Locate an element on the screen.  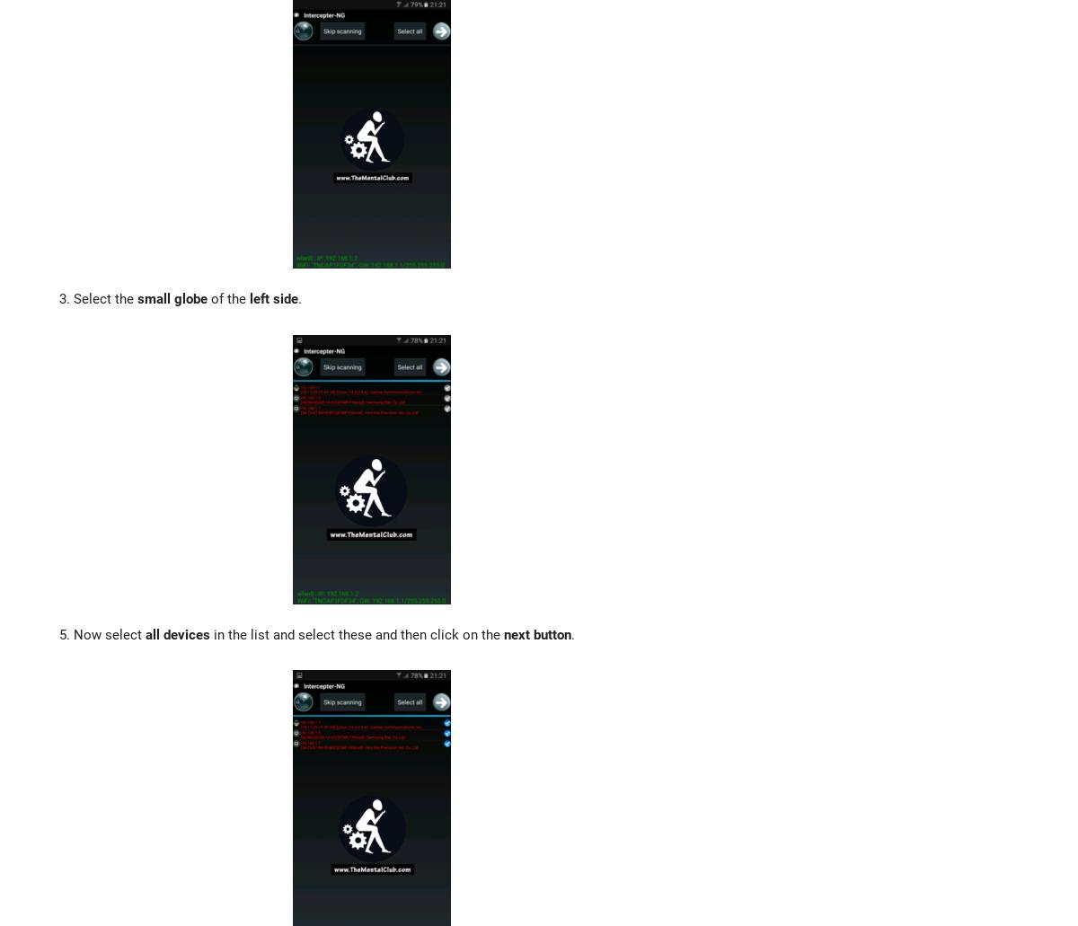
'5. Now select' is located at coordinates (102, 634).